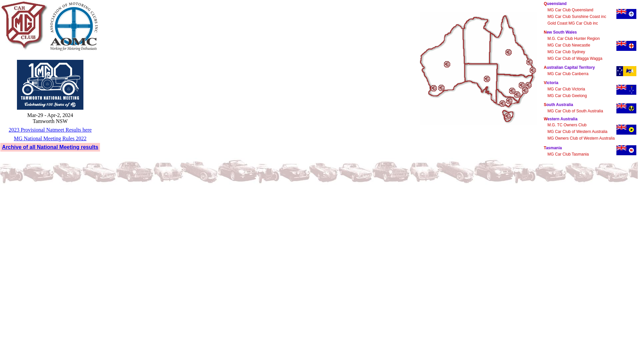  What do you see at coordinates (570, 10) in the screenshot?
I see `'MG Car Club Queensland'` at bounding box center [570, 10].